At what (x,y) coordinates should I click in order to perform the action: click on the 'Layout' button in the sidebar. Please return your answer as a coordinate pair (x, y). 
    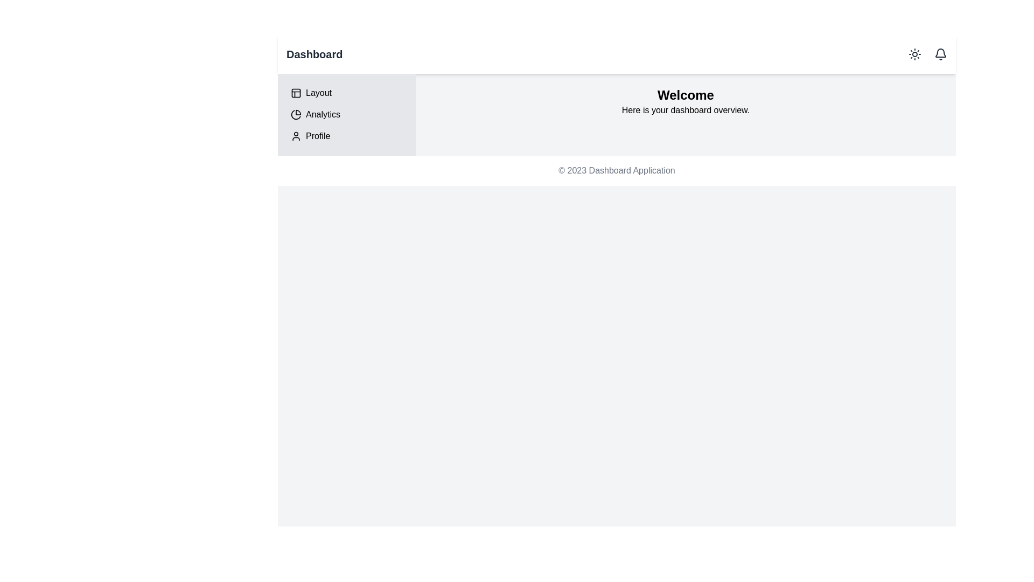
    Looking at the image, I should click on (346, 93).